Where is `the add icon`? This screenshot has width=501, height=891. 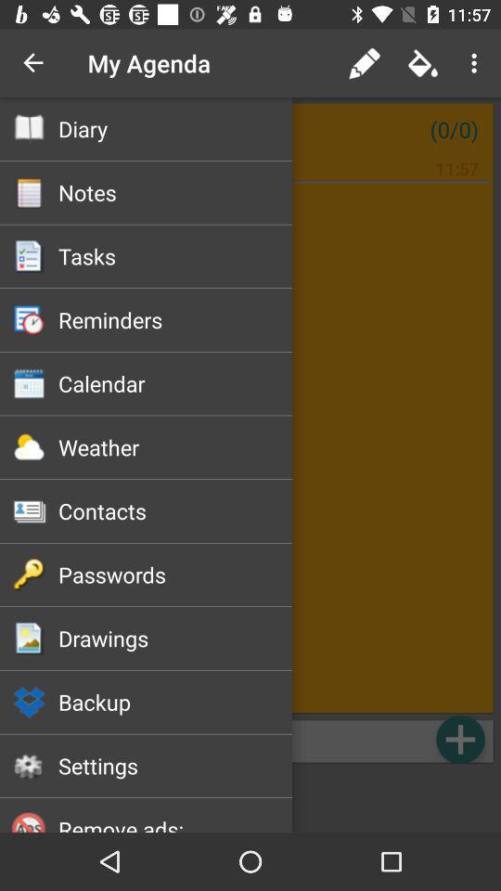
the add icon is located at coordinates (459, 739).